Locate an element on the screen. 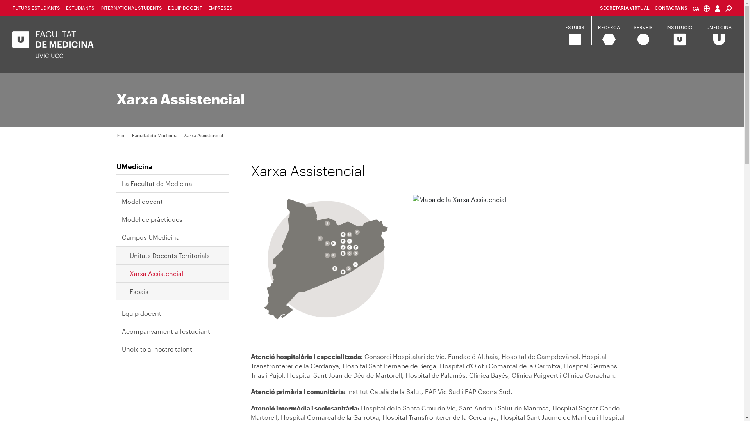 This screenshot has height=421, width=750. 'EQUIP DOCENT' is located at coordinates (185, 7).